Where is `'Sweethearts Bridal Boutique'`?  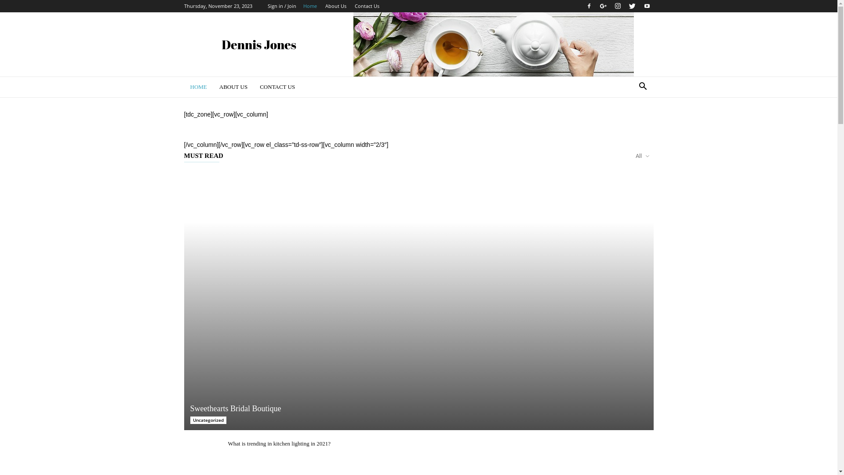 'Sweethearts Bridal Boutique' is located at coordinates (418, 300).